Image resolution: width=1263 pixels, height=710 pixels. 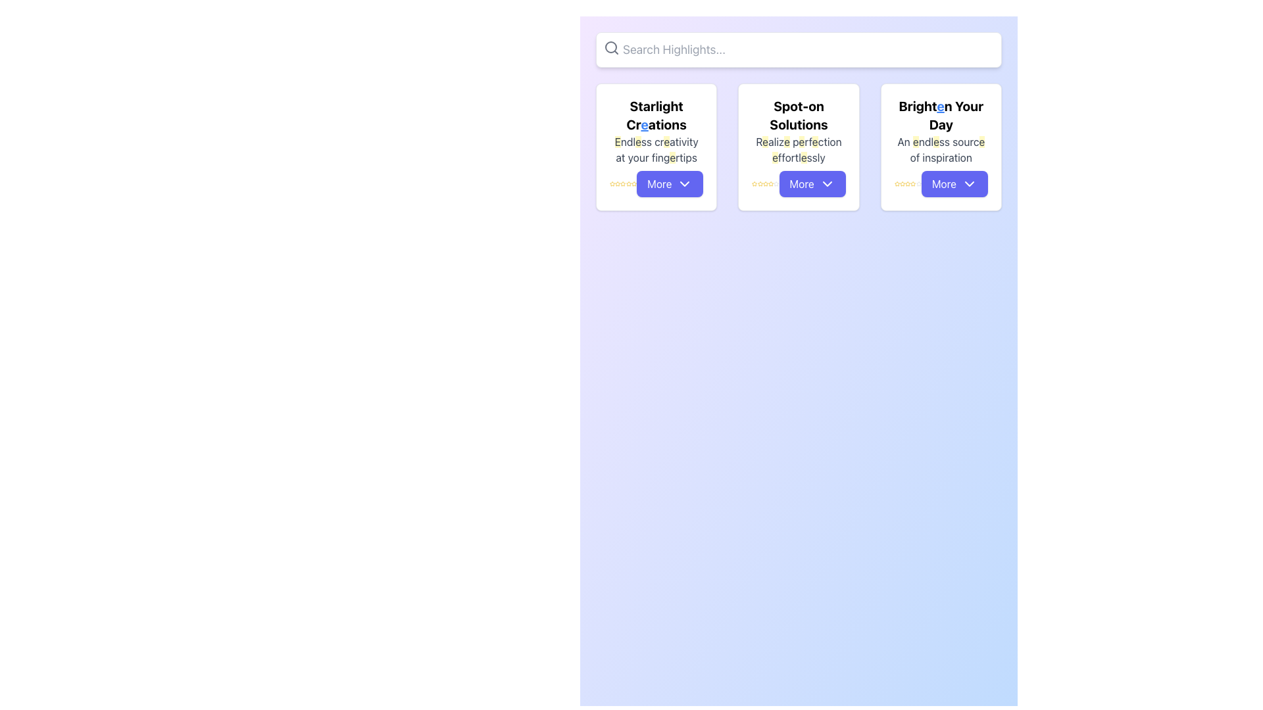 What do you see at coordinates (653, 142) in the screenshot?
I see `the text element 'ss cr' which is part of the text block 'Endless creativity at your fingertips' and is positioned between the highlighted letters 'e' in 'Endless' and 'e' in 'creativity'` at bounding box center [653, 142].